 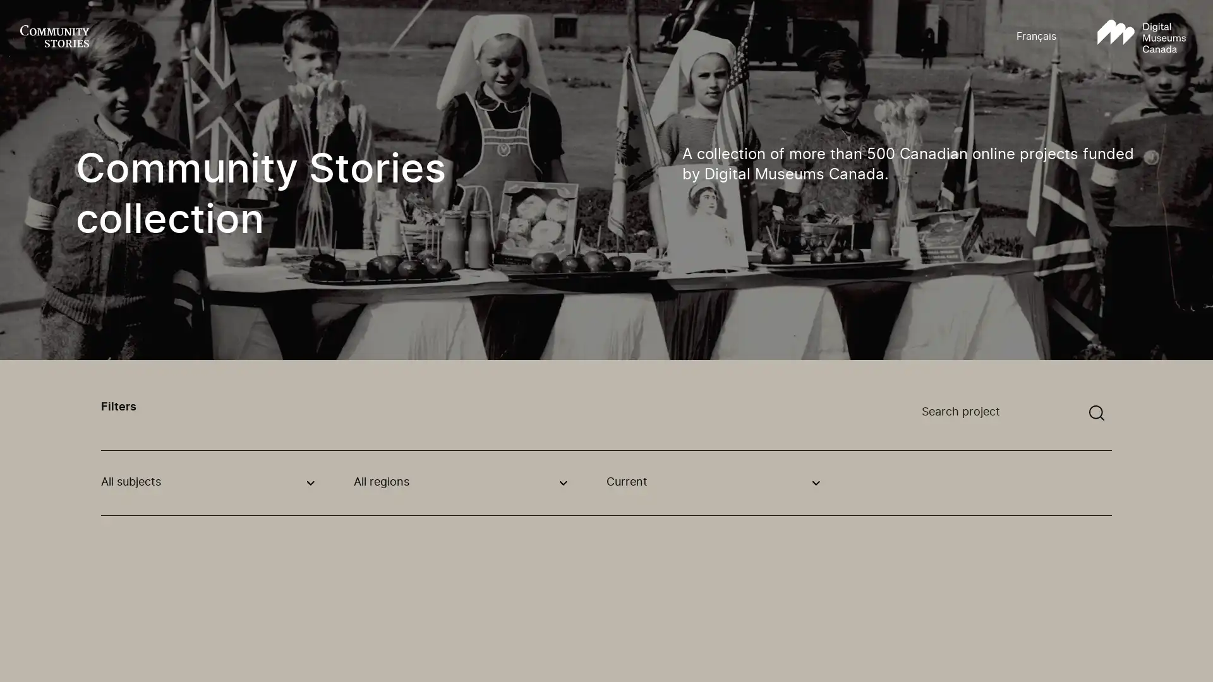 What do you see at coordinates (1096, 413) in the screenshot?
I see `Submit` at bounding box center [1096, 413].